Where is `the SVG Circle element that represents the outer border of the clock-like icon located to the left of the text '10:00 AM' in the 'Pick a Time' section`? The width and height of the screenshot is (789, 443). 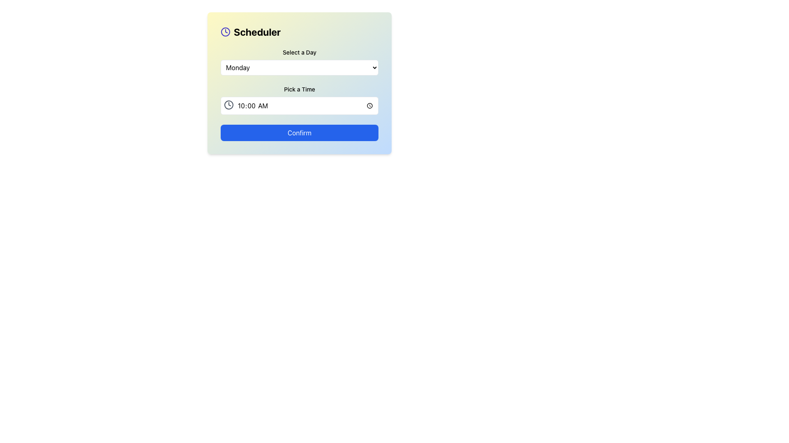
the SVG Circle element that represents the outer border of the clock-like icon located to the left of the text '10:00 AM' in the 'Pick a Time' section is located at coordinates (225, 31).